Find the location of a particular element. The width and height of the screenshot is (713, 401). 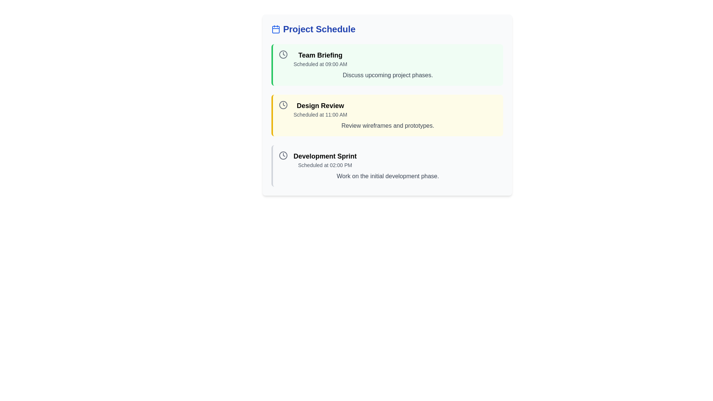

text displayed in the 'Design Review' section, which consists of 'Design Review' and 'Scheduled at 11:00 AM.' is located at coordinates (320, 109).